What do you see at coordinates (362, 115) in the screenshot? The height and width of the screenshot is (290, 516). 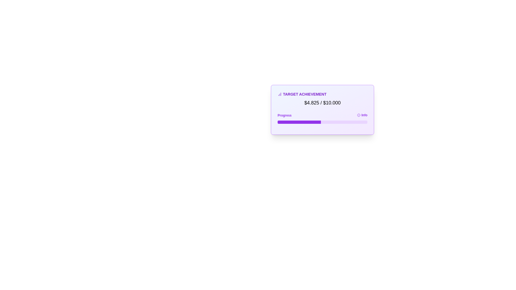 I see `the informational label with the word 'Info' in a bold purple font, located at the rightmost side of the 'Progress Info' section adjacent to the progress bar` at bounding box center [362, 115].